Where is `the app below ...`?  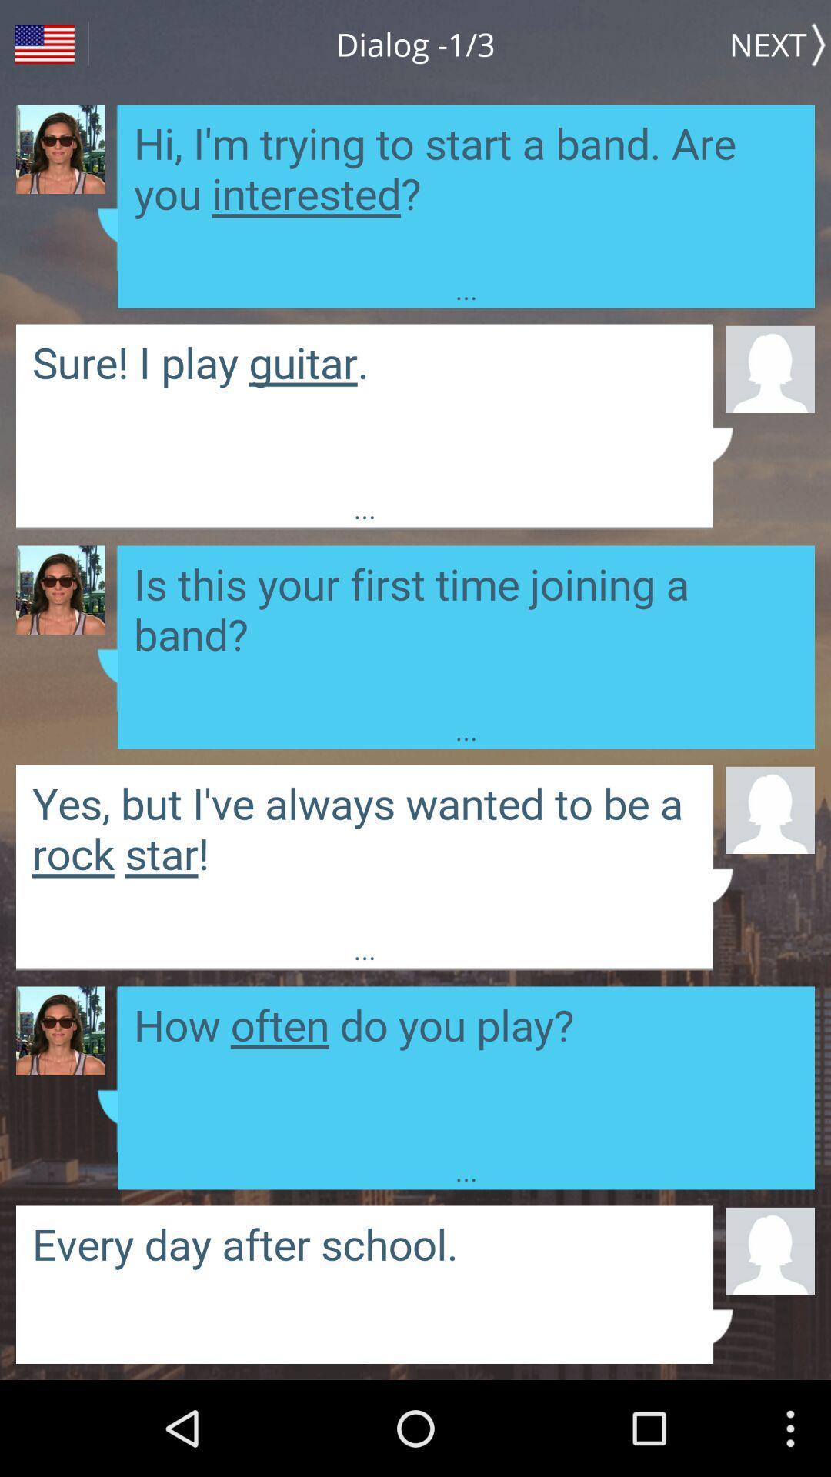 the app below ... is located at coordinates (770, 809).